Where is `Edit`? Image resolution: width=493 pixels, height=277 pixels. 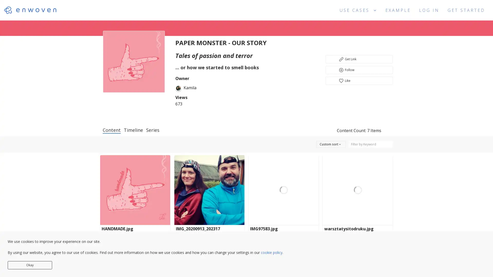 Edit is located at coordinates (135, 244).